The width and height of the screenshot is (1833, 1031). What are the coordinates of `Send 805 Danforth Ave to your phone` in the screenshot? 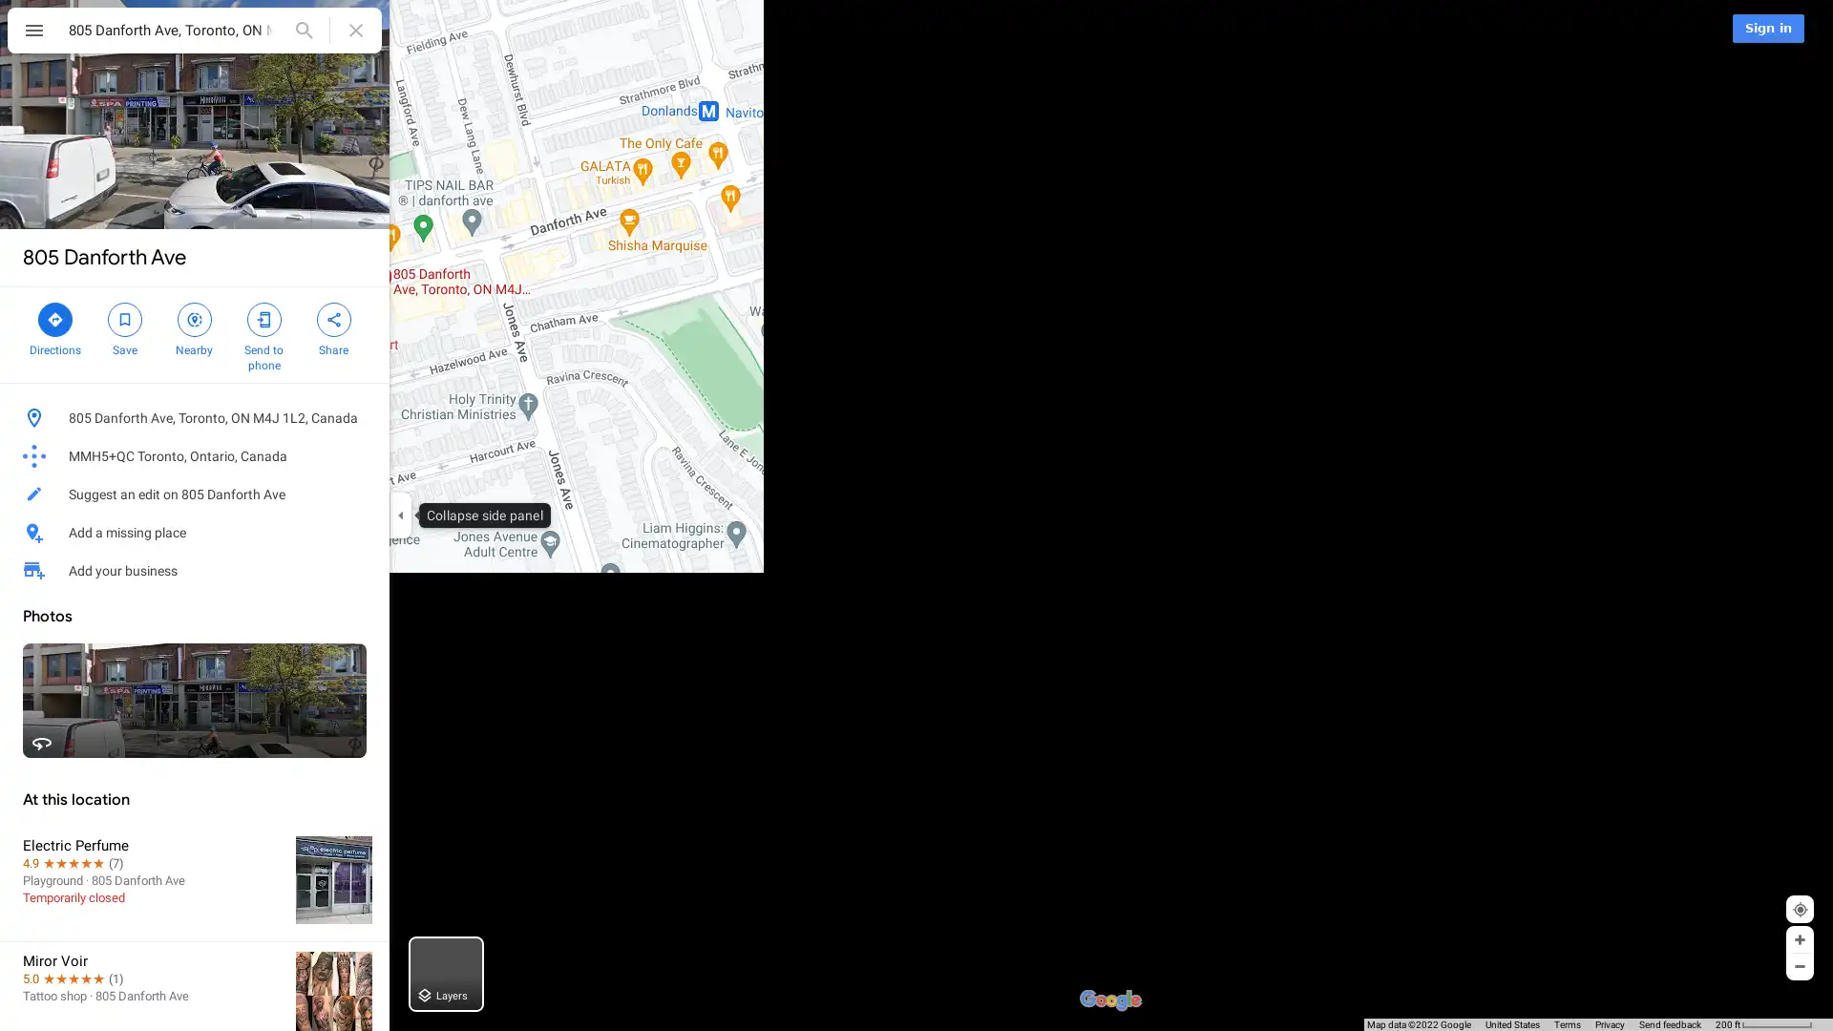 It's located at (263, 334).